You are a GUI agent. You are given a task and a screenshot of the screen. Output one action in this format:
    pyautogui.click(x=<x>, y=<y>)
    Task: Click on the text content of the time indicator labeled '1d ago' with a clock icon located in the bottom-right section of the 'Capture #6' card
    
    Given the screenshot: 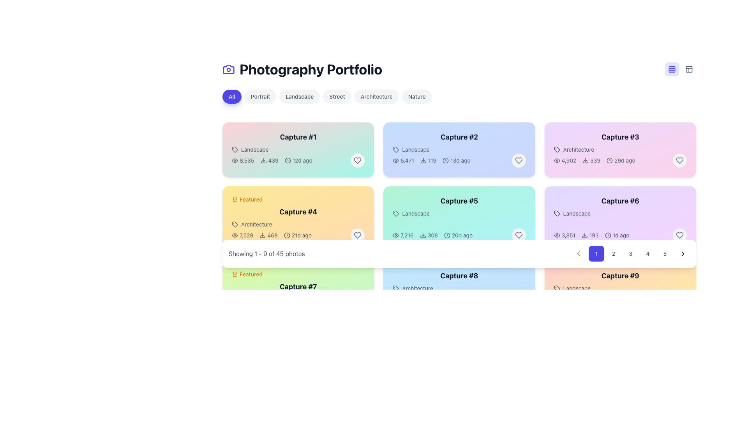 What is the action you would take?
    pyautogui.click(x=617, y=235)
    